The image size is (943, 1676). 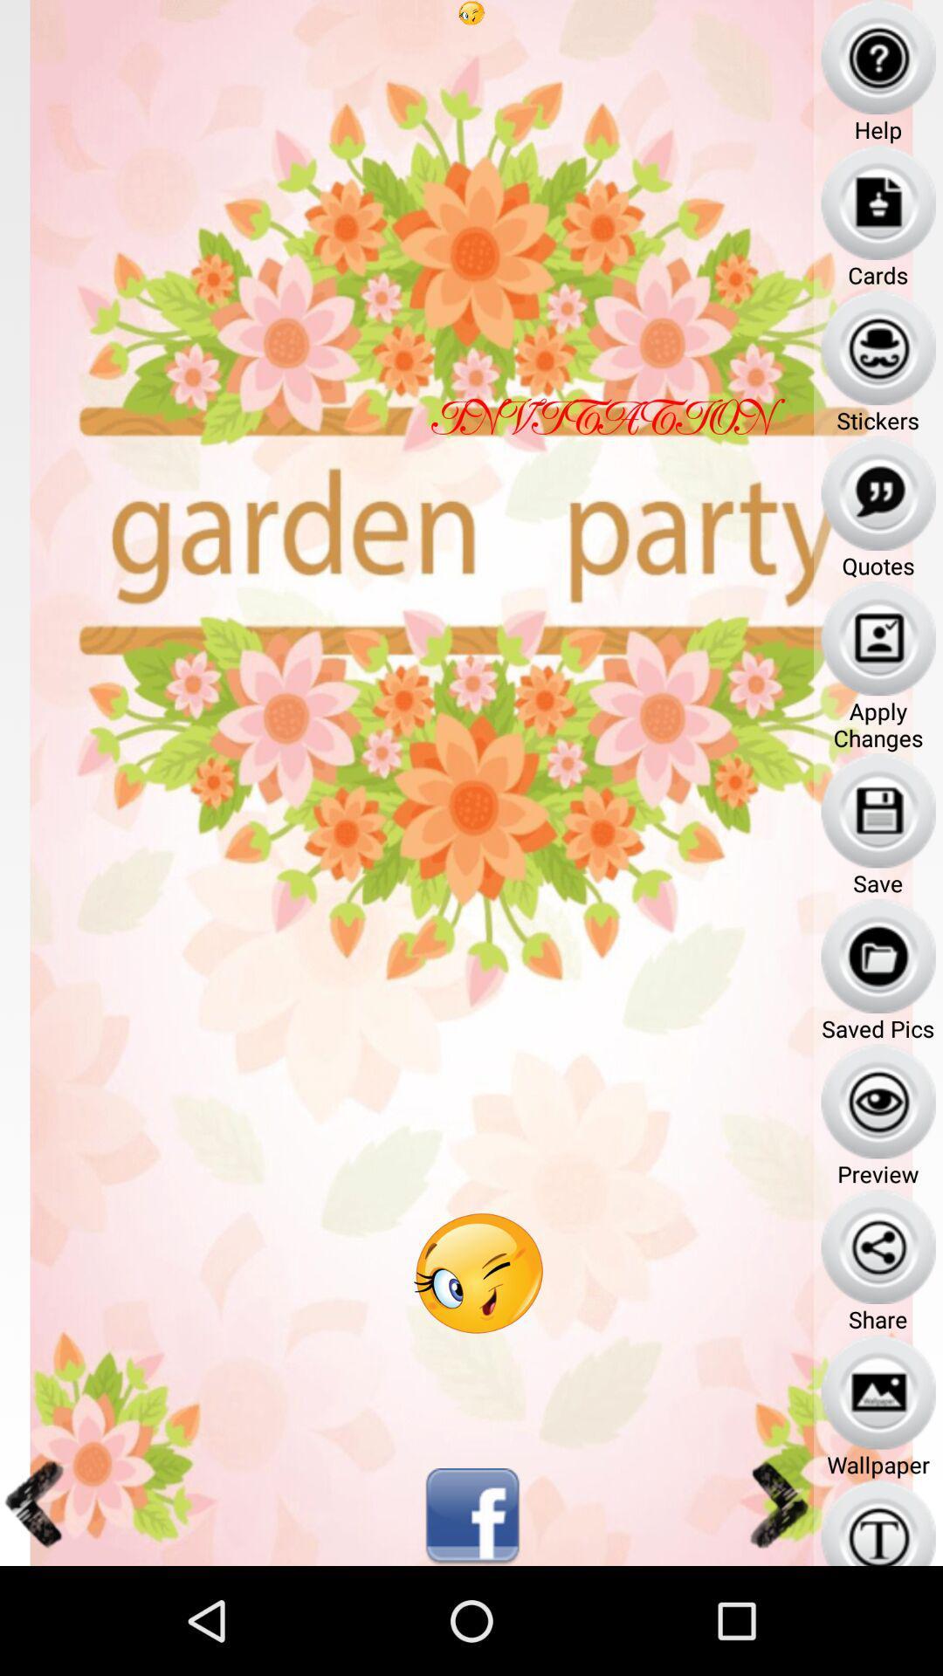 What do you see at coordinates (878, 1522) in the screenshot?
I see `the icon below wallpaper text` at bounding box center [878, 1522].